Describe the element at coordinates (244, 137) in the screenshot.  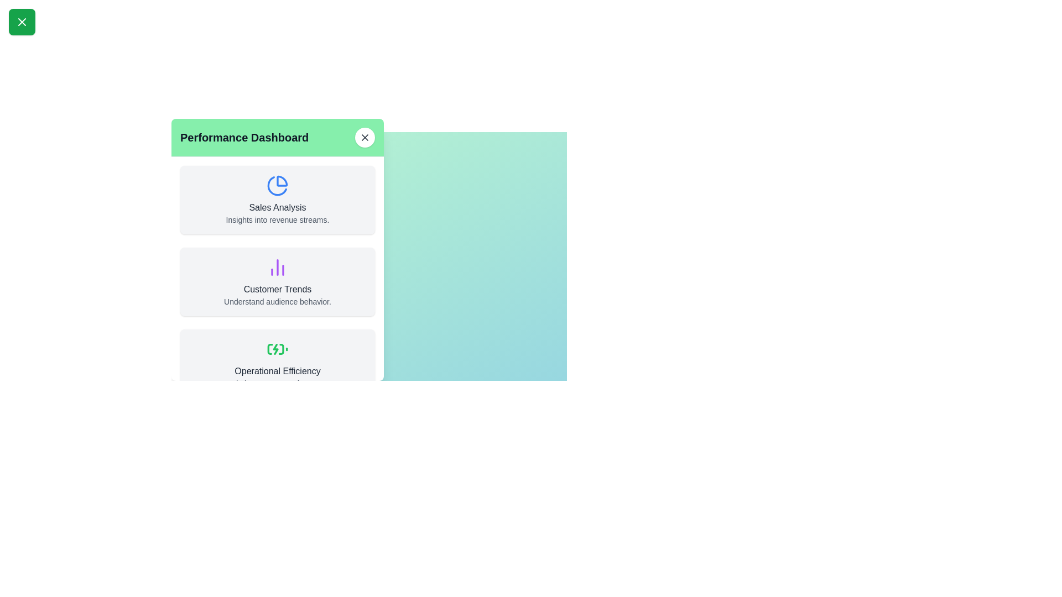
I see `the text label displaying 'Performance Dashboard' in a large, bold font with a dark gray color on a light green background` at that location.